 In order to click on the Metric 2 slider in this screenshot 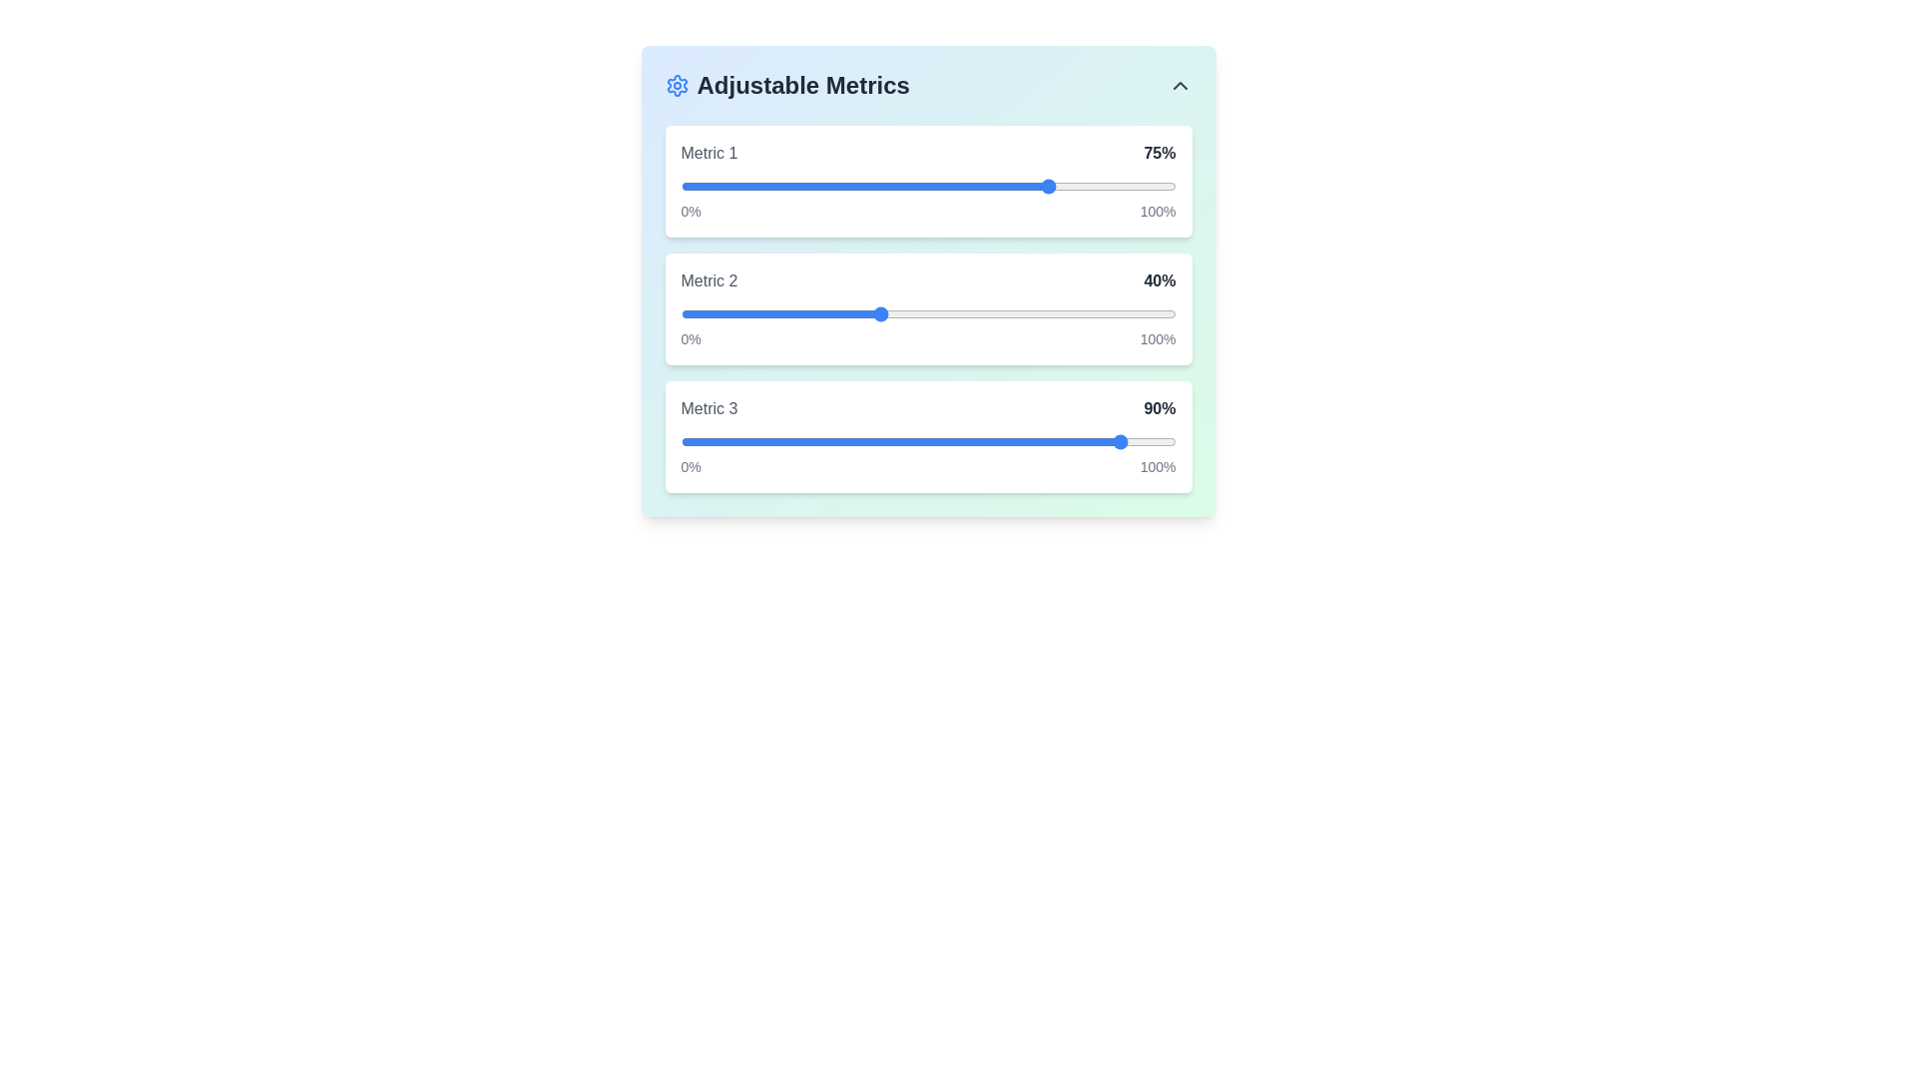, I will do `click(844, 314)`.